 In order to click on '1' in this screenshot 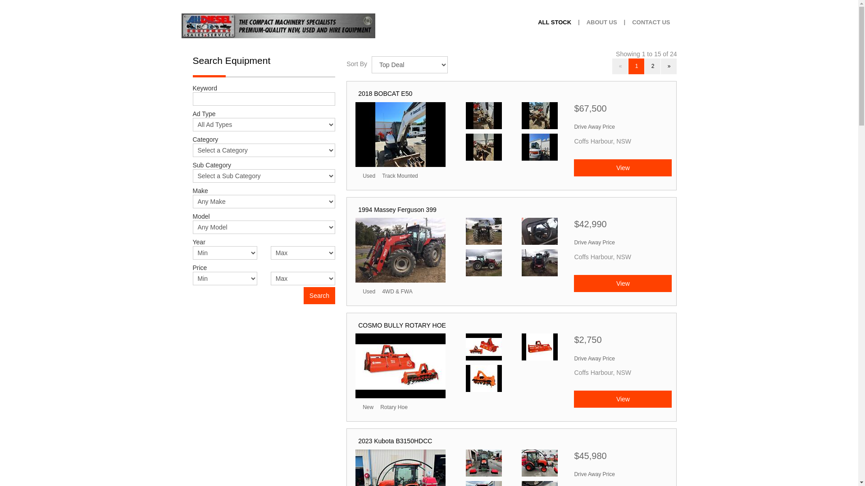, I will do `click(628, 66)`.